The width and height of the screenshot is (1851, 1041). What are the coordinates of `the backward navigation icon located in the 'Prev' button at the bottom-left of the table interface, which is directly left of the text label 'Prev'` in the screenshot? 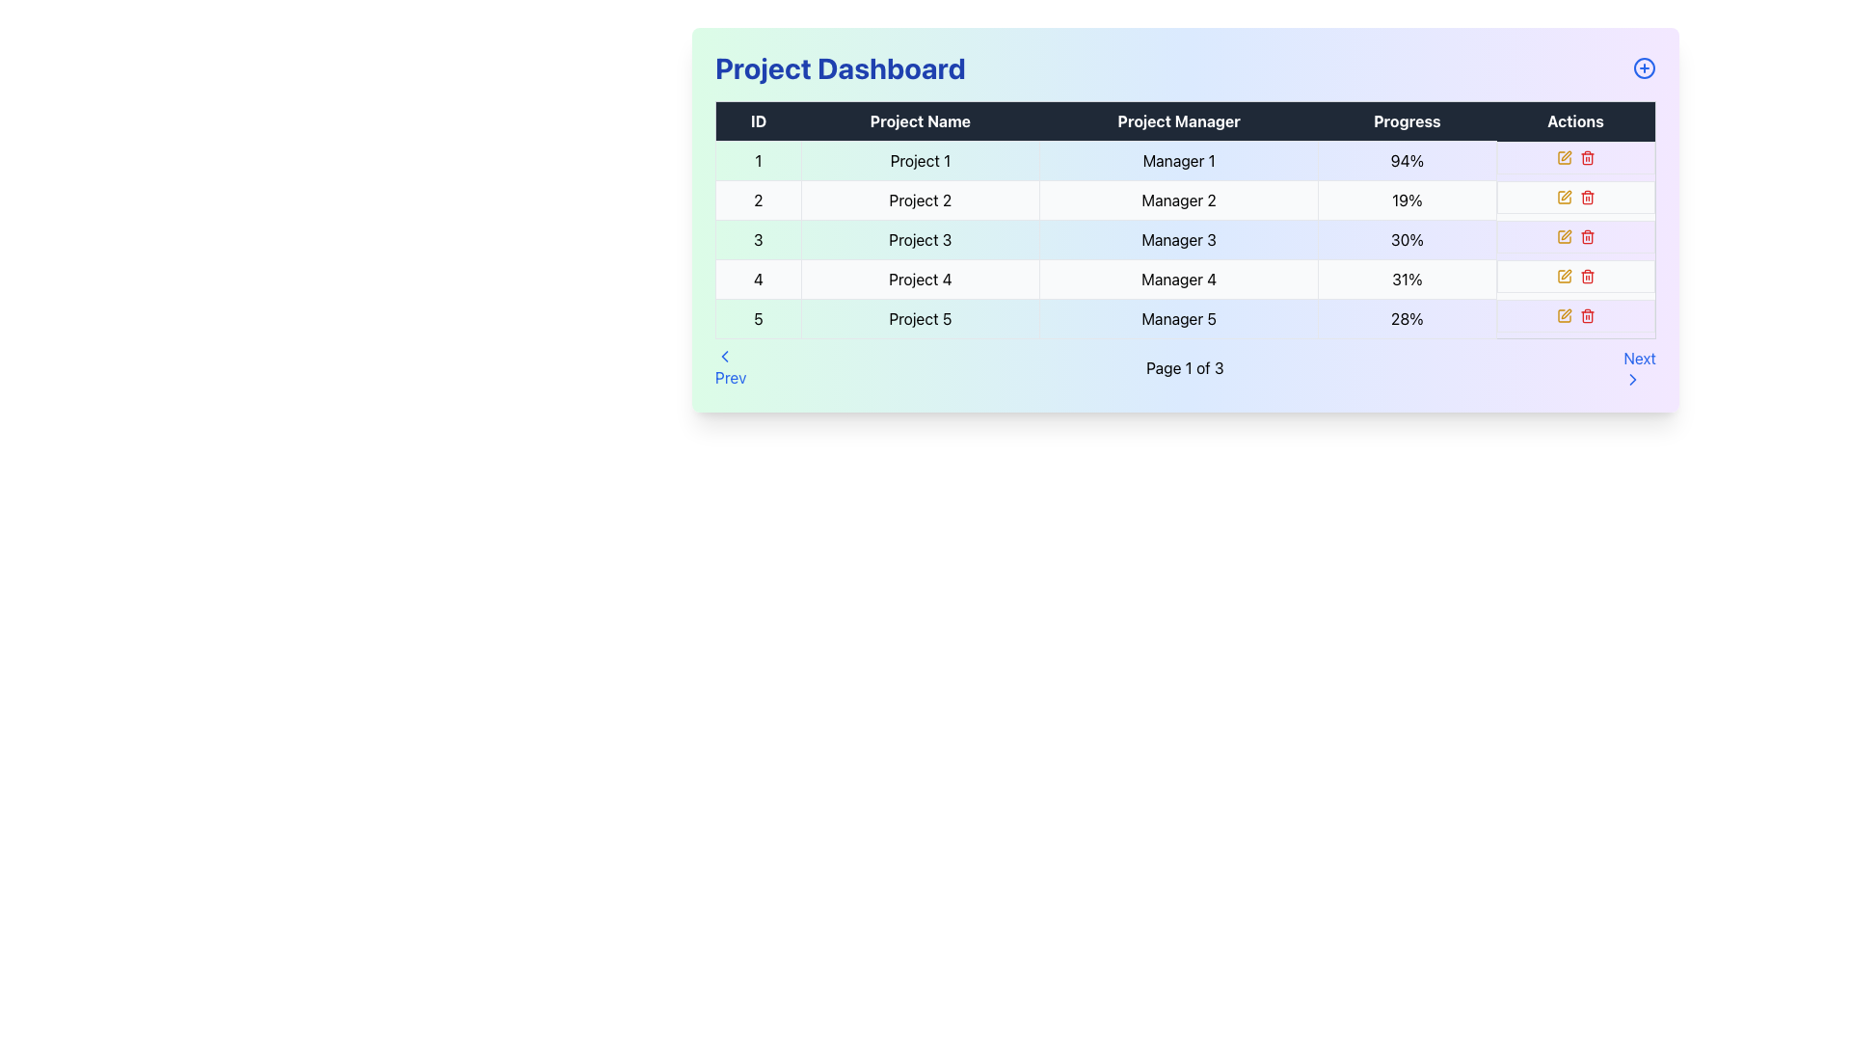 It's located at (724, 357).